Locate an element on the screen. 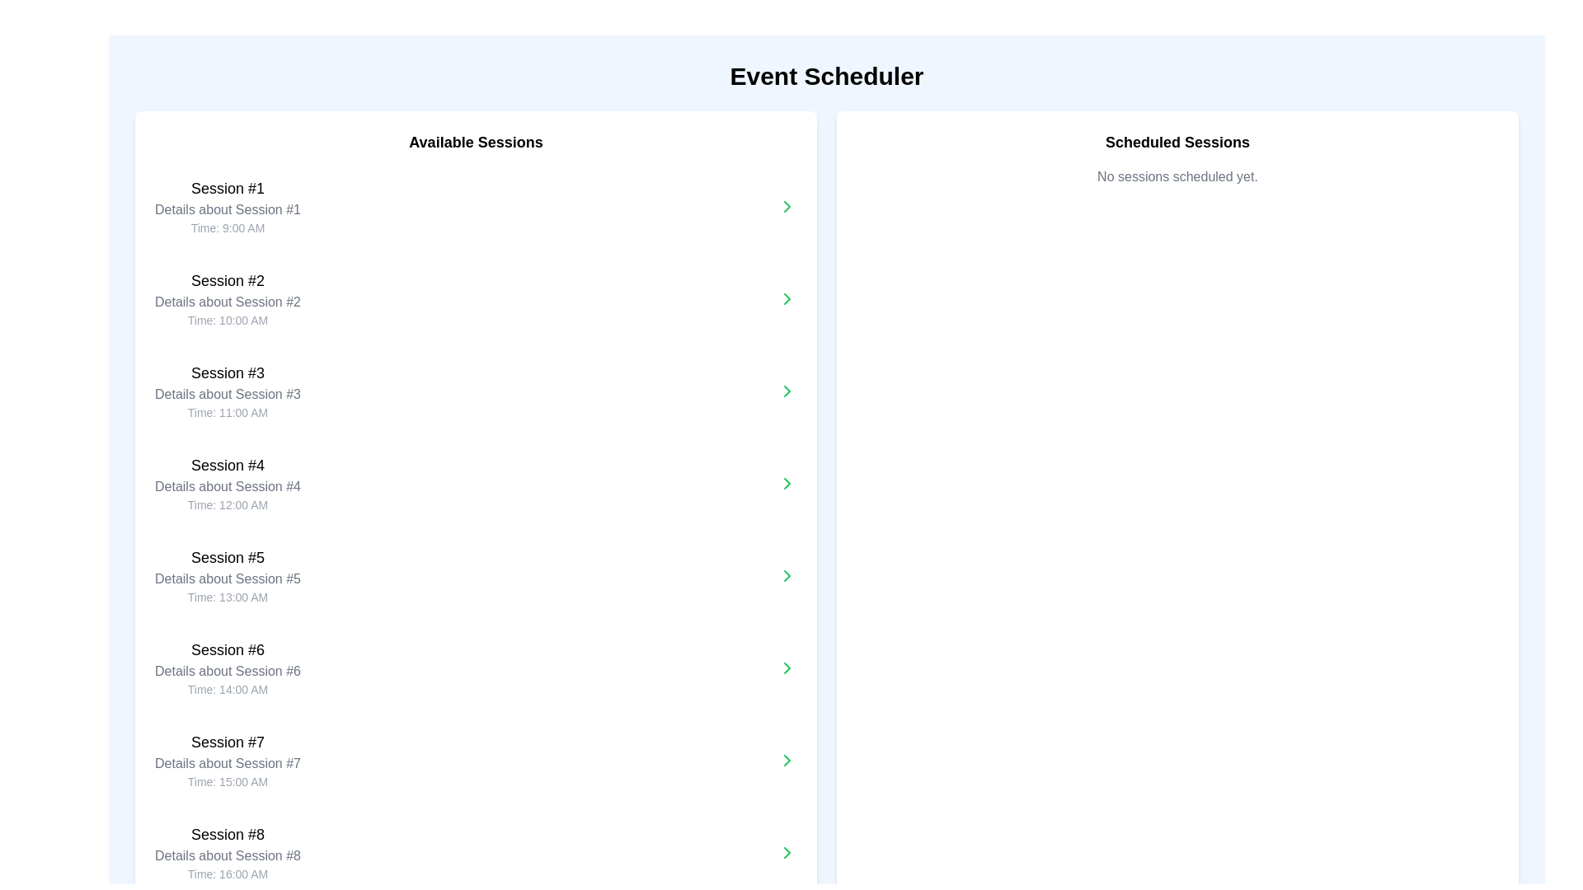 Image resolution: width=1583 pixels, height=890 pixels. the text block displaying details about 'Session #3', which is located under the 'Available Sessions' section, positioned between 'Session #2' and 'Session #4' is located at coordinates (227, 391).